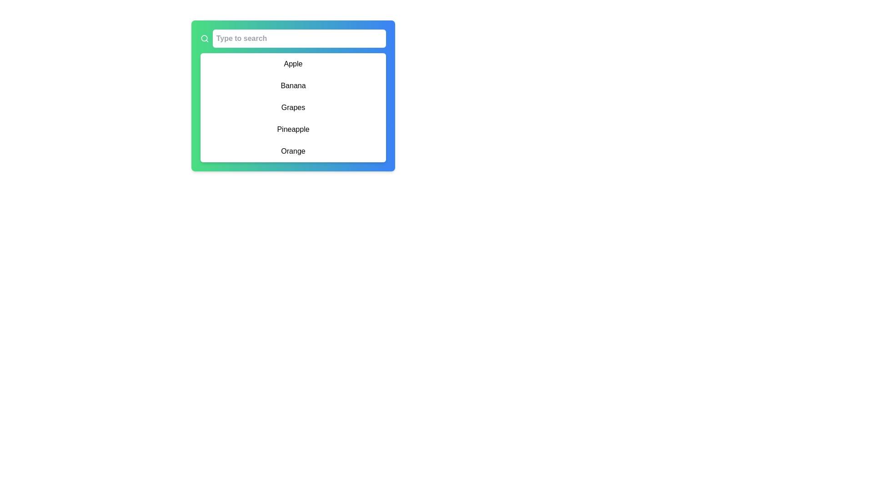 Image resolution: width=873 pixels, height=491 pixels. I want to click on the text label displaying 'Apple' in a black sans-serif font, so click(293, 64).